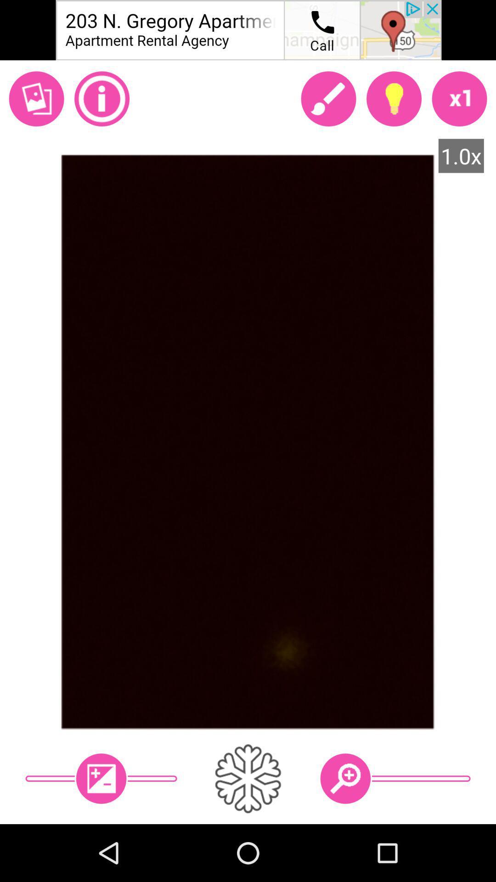  Describe the element at coordinates (36, 99) in the screenshot. I see `photo` at that location.